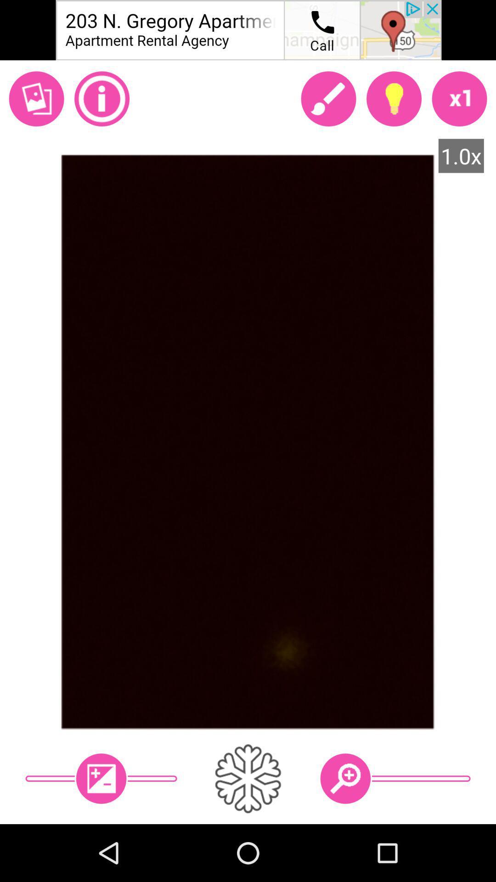  Describe the element at coordinates (36, 99) in the screenshot. I see `photo` at that location.